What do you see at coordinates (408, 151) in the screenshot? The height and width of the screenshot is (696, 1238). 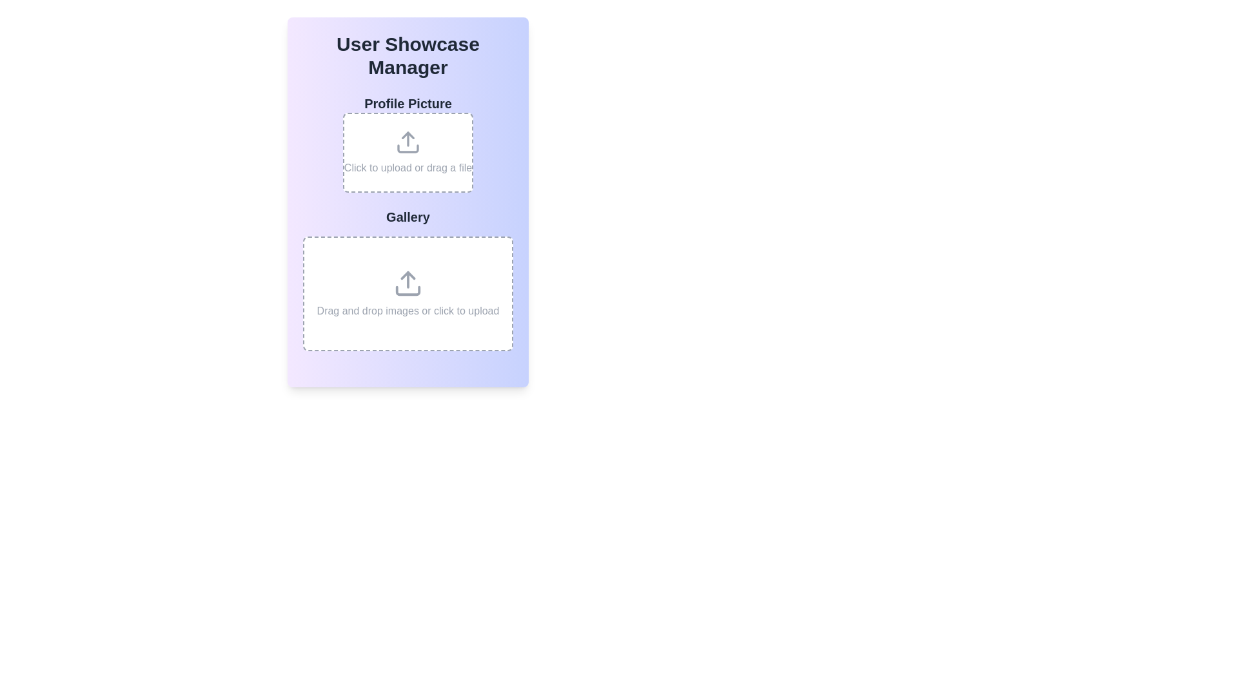 I see `and drop a file` at bounding box center [408, 151].